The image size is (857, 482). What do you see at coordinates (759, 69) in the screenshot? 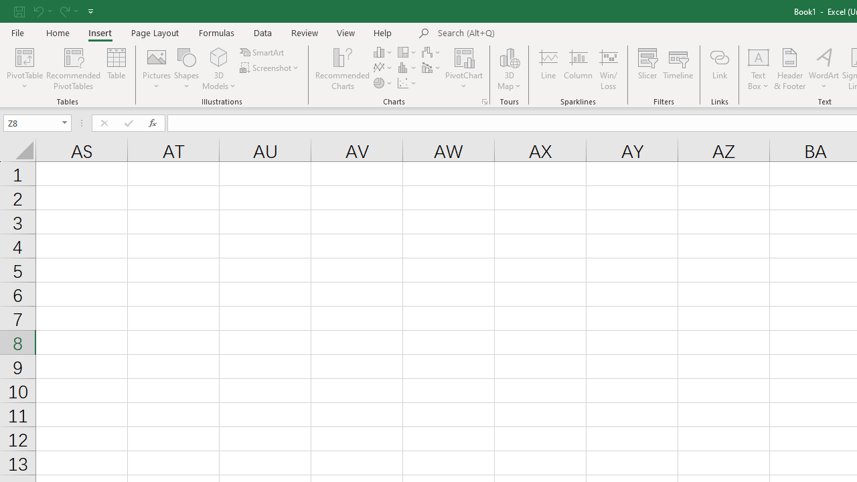
I see `'Text Box'` at bounding box center [759, 69].